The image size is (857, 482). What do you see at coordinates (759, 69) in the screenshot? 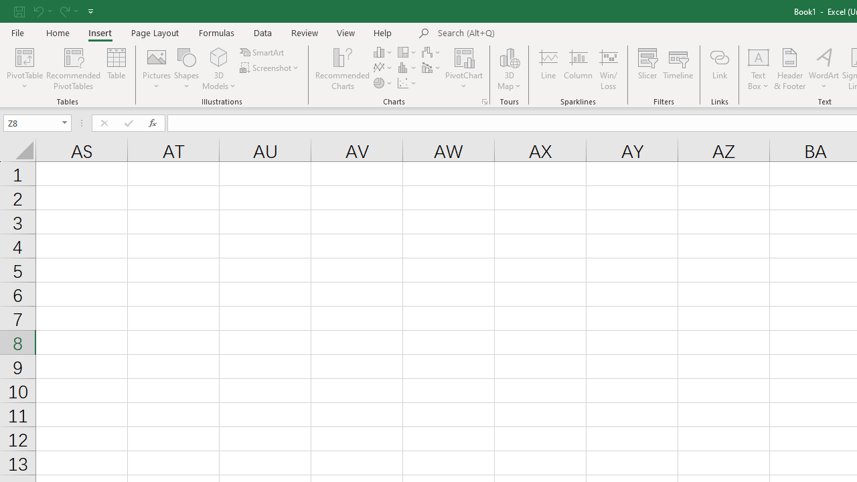
I see `'Text Box'` at bounding box center [759, 69].